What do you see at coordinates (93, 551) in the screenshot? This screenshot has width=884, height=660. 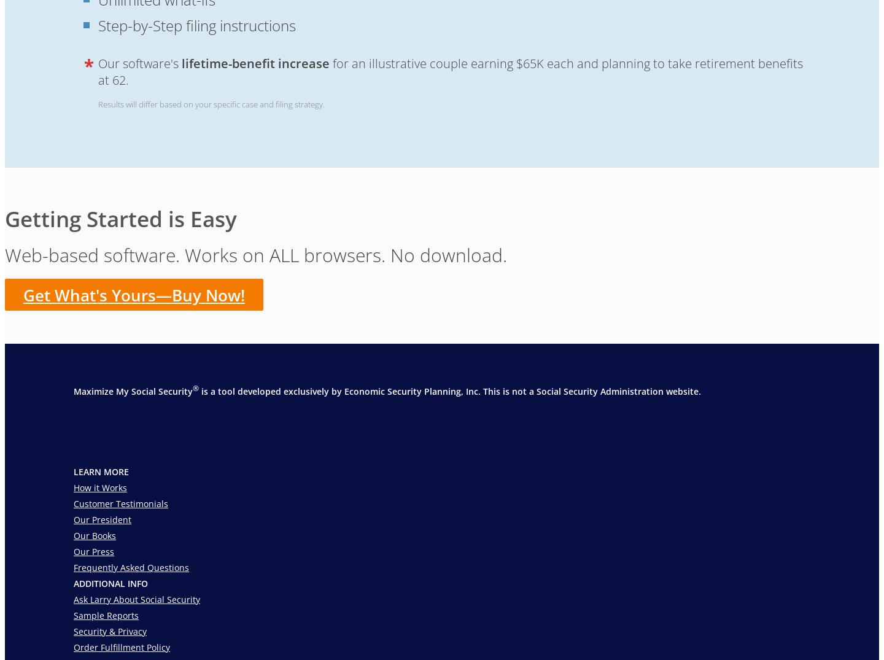 I see `'Our Press'` at bounding box center [93, 551].